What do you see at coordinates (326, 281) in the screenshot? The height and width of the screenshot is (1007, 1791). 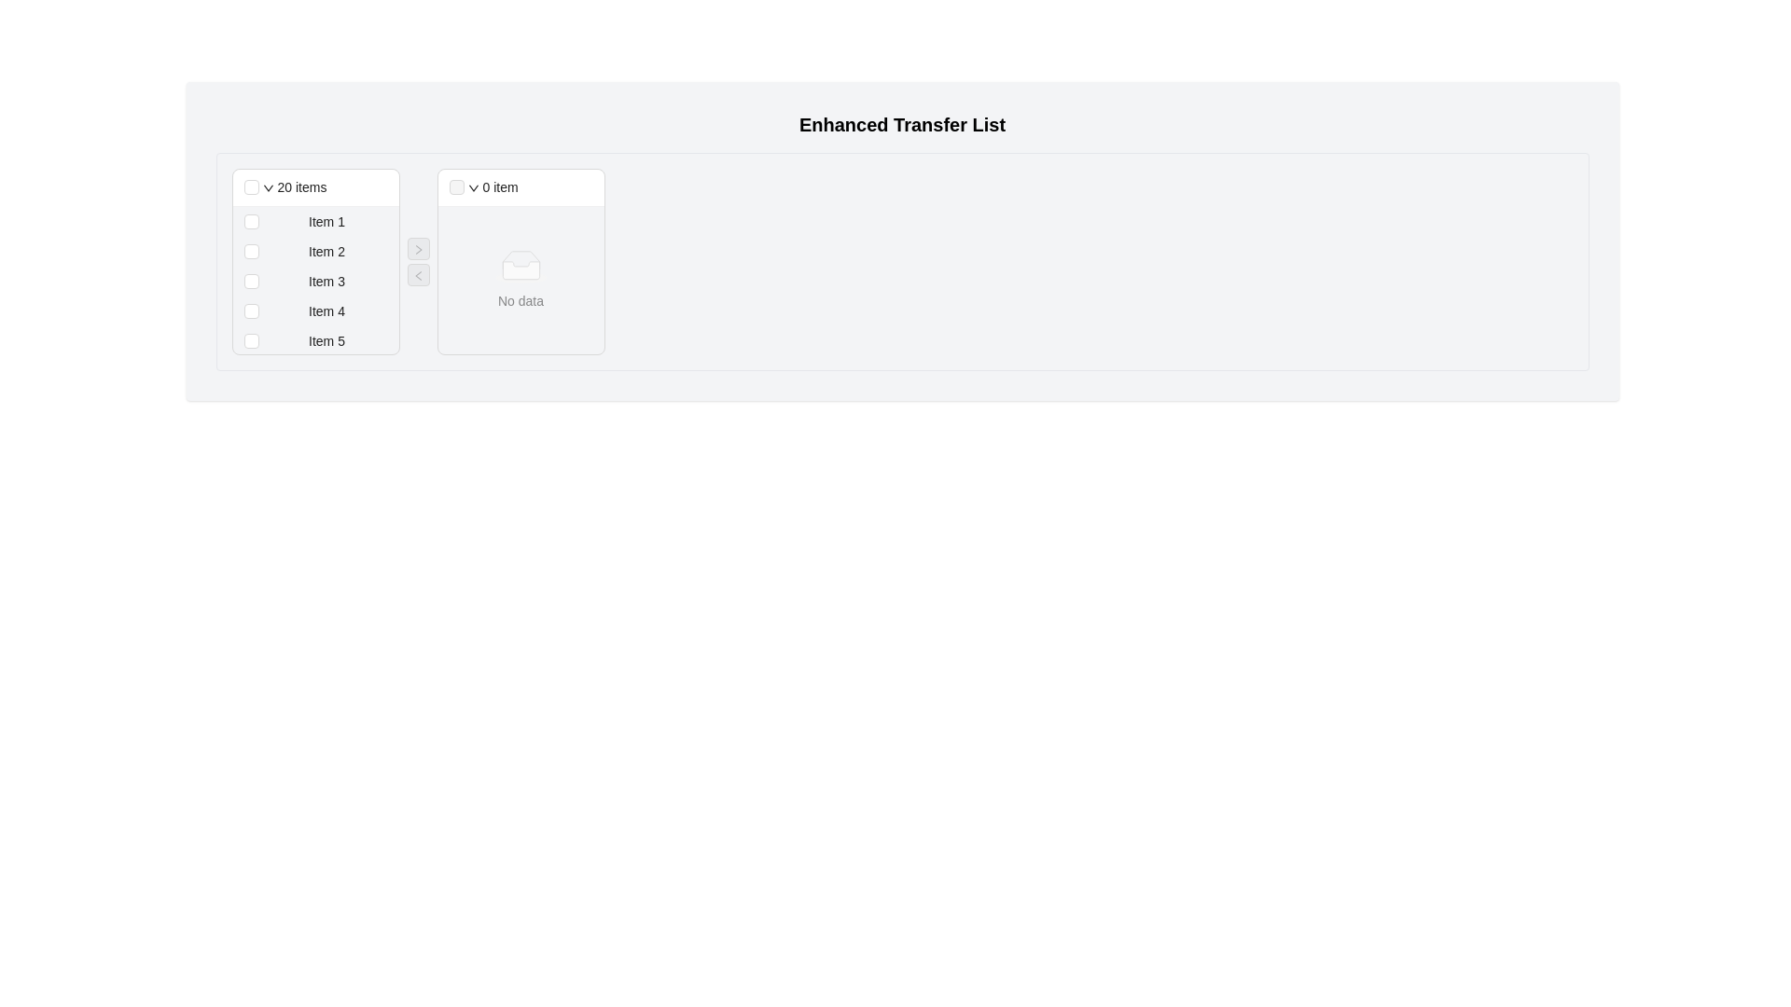 I see `the label displaying 'Item 3' in the left panel of the transfer list, which is the third item in the vertical list` at bounding box center [326, 281].